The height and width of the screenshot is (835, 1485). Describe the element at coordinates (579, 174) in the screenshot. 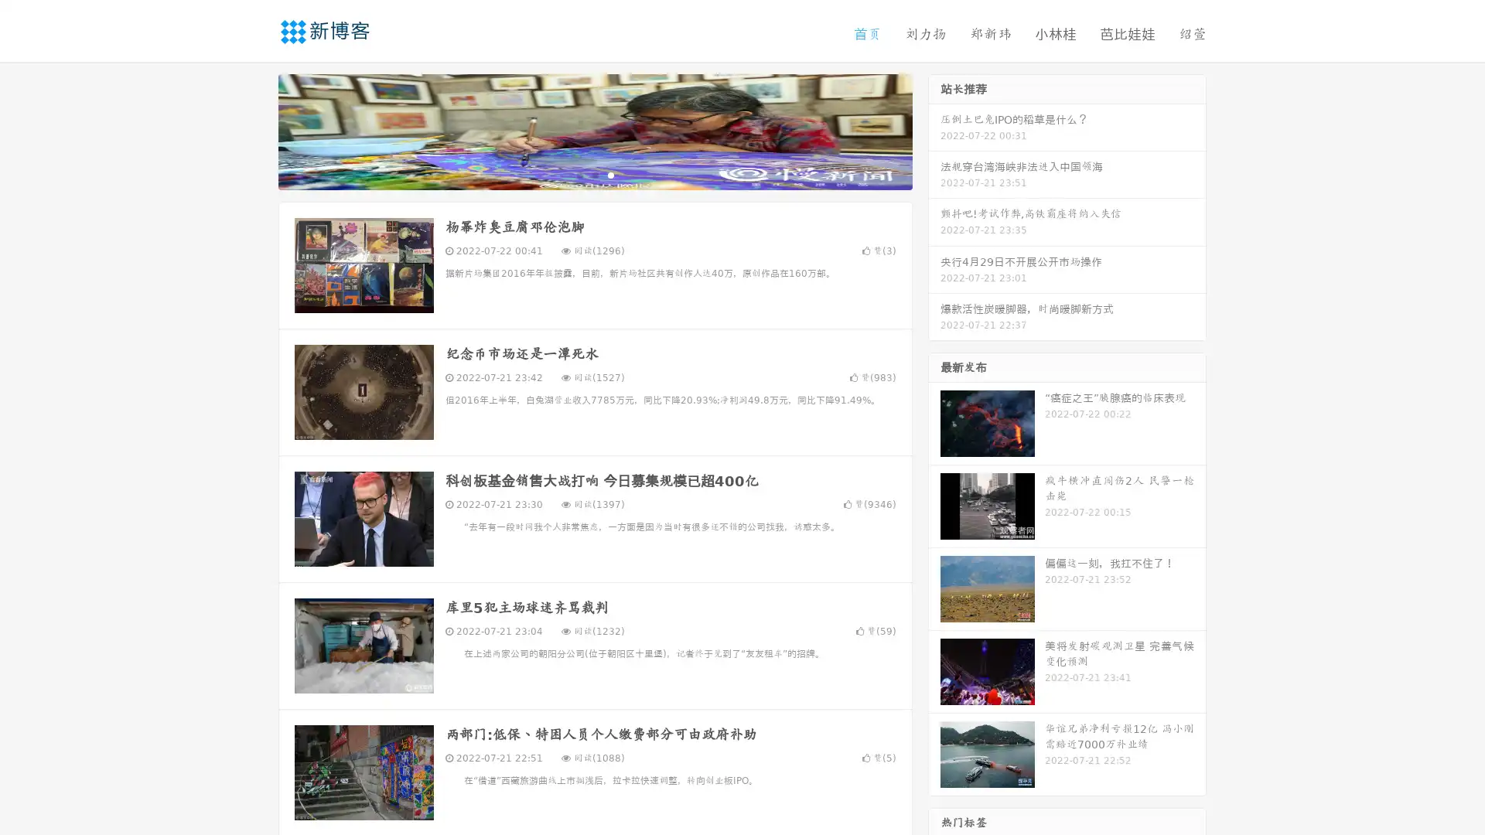

I see `Go to slide 1` at that location.